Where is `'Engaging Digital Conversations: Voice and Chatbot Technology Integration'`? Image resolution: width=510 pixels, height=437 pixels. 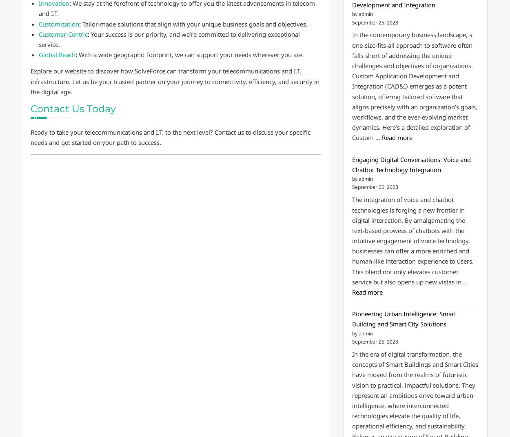
'Engaging Digital Conversations: Voice and Chatbot Technology Integration' is located at coordinates (411, 164).